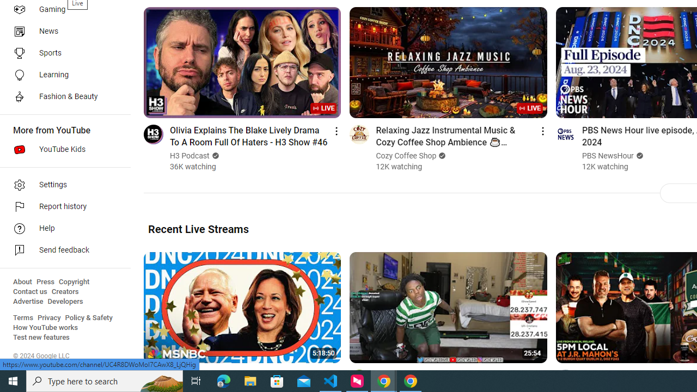 The width and height of the screenshot is (697, 392). I want to click on 'Terms', so click(23, 318).